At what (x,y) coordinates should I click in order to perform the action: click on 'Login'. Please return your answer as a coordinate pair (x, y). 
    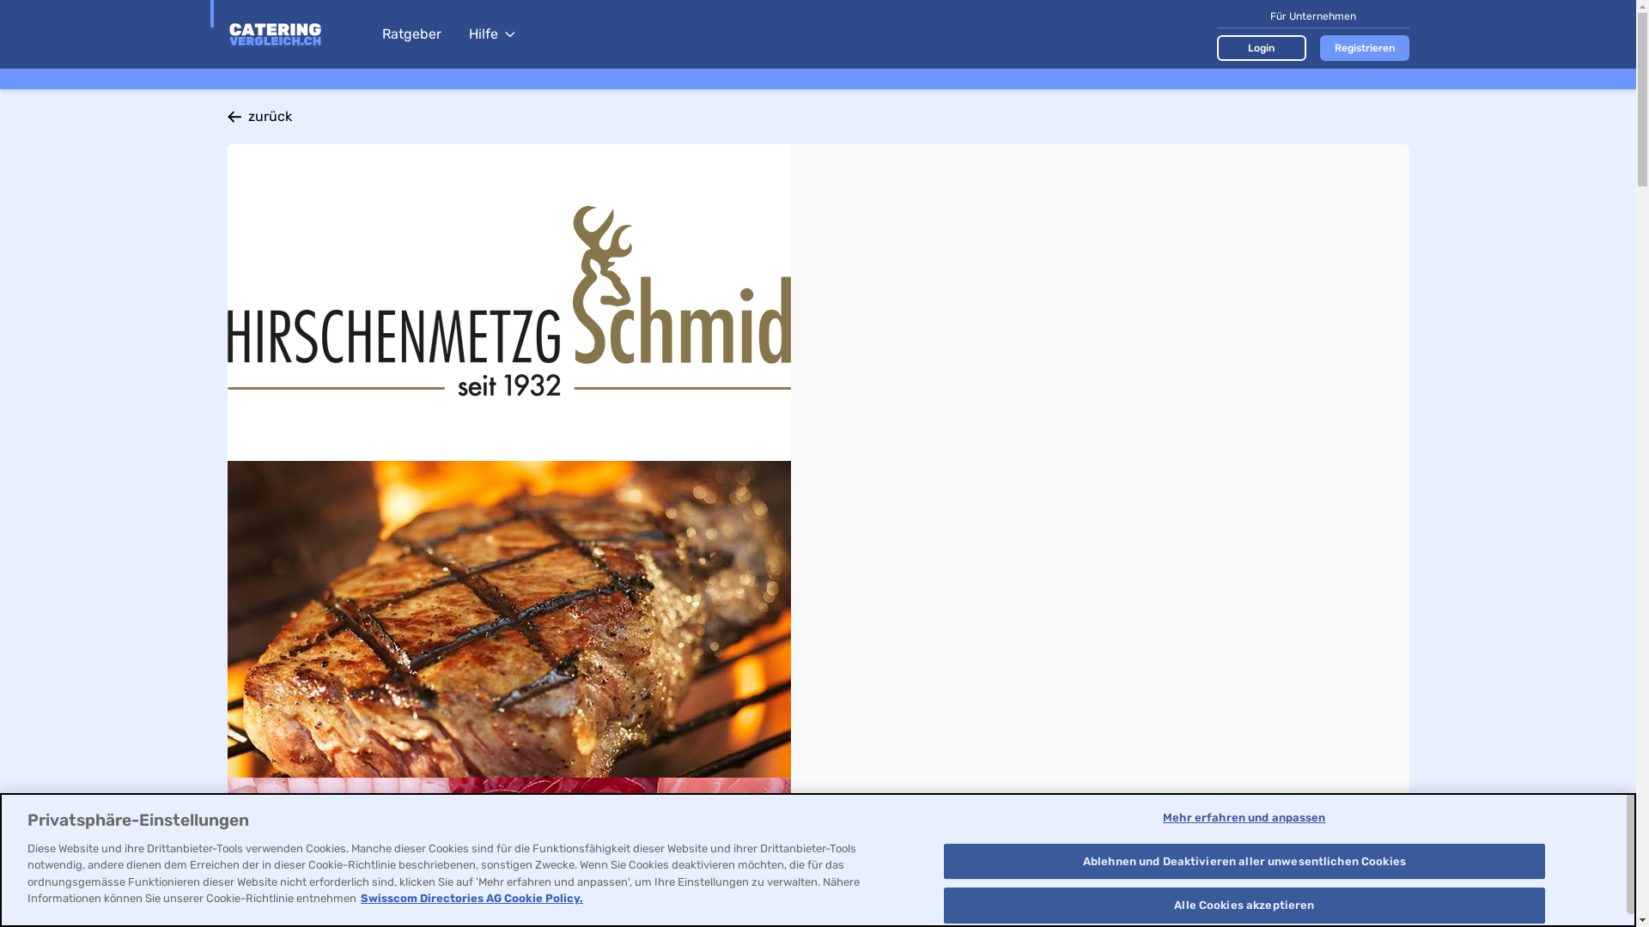
    Looking at the image, I should click on (1261, 45).